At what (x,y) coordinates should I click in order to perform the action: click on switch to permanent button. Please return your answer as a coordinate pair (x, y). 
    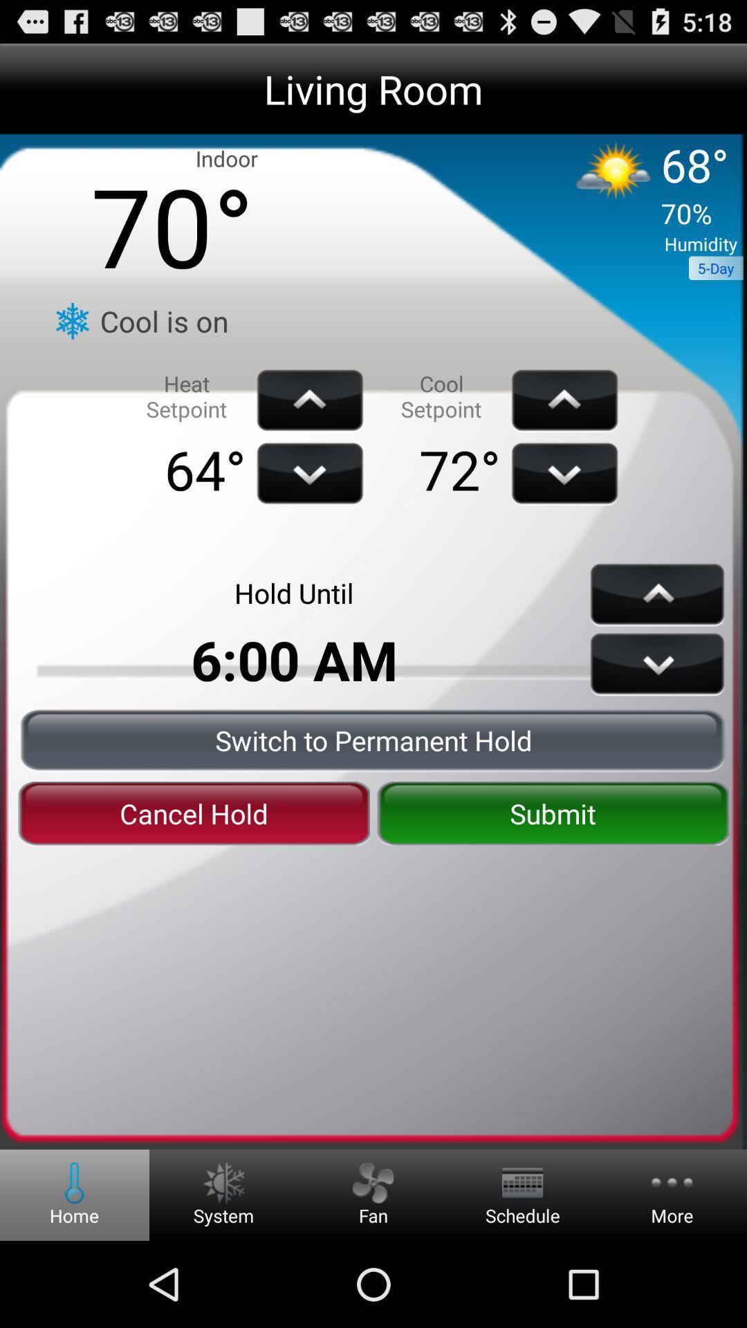
    Looking at the image, I should click on (373, 739).